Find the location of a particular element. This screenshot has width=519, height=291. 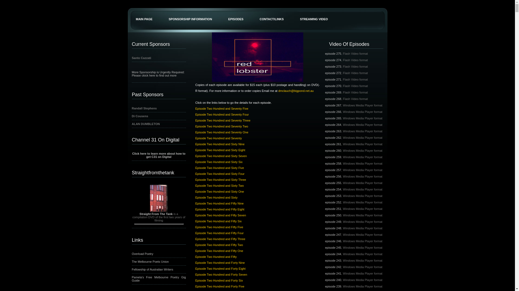

'Episode Two Hundred and Fifty One' is located at coordinates (219, 251).